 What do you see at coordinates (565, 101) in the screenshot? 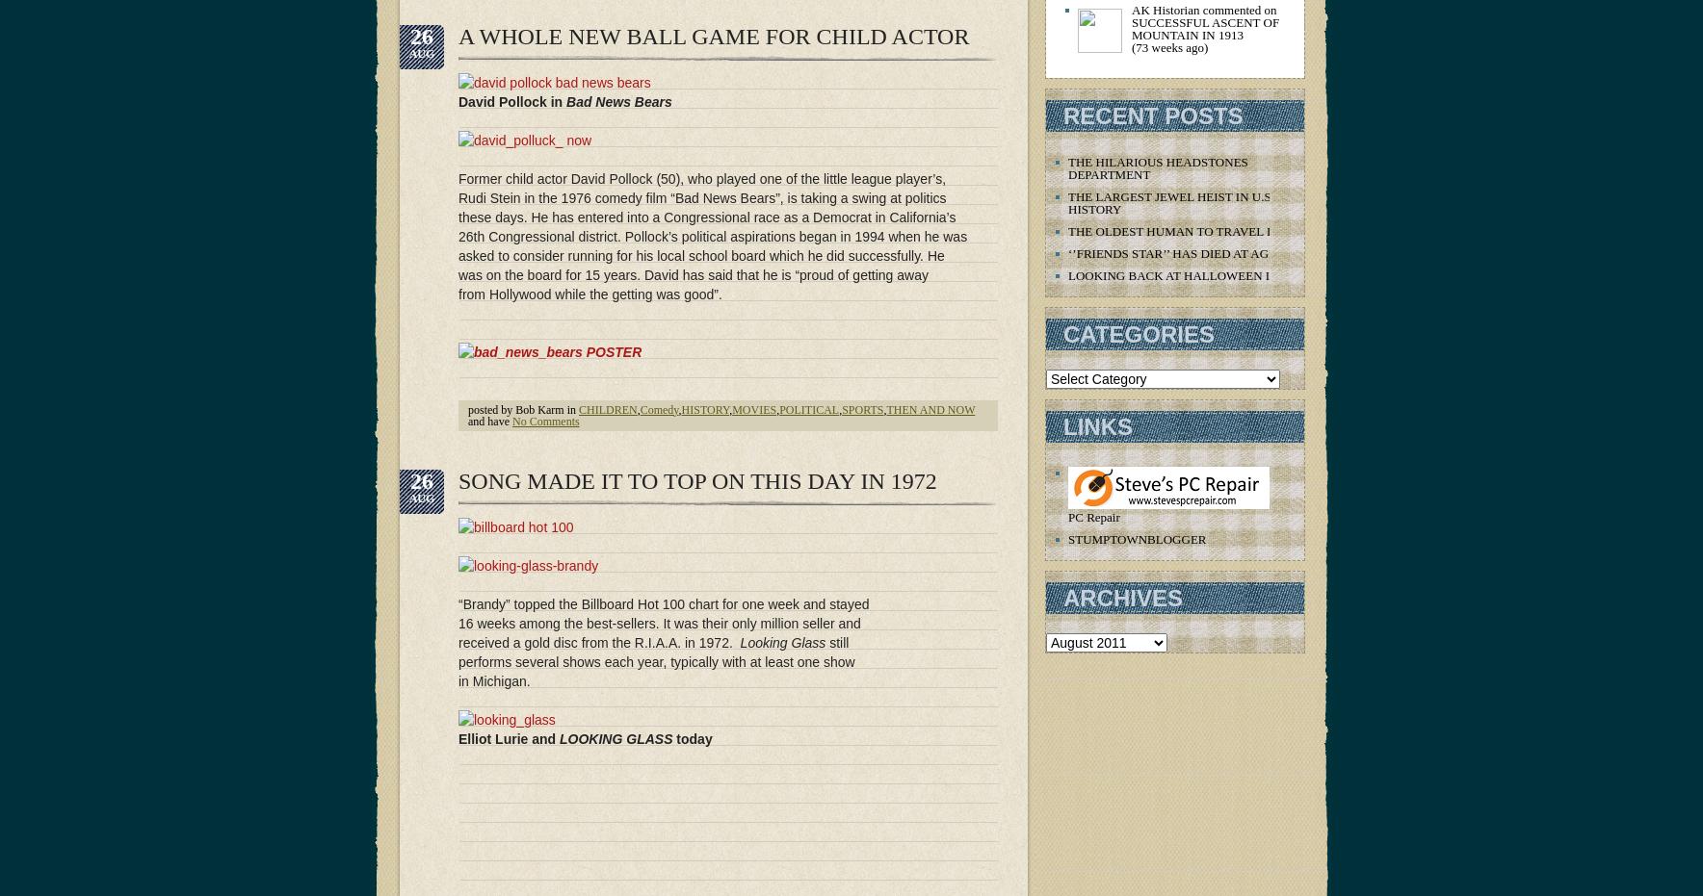
I see `'Bad News Bears'` at bounding box center [565, 101].